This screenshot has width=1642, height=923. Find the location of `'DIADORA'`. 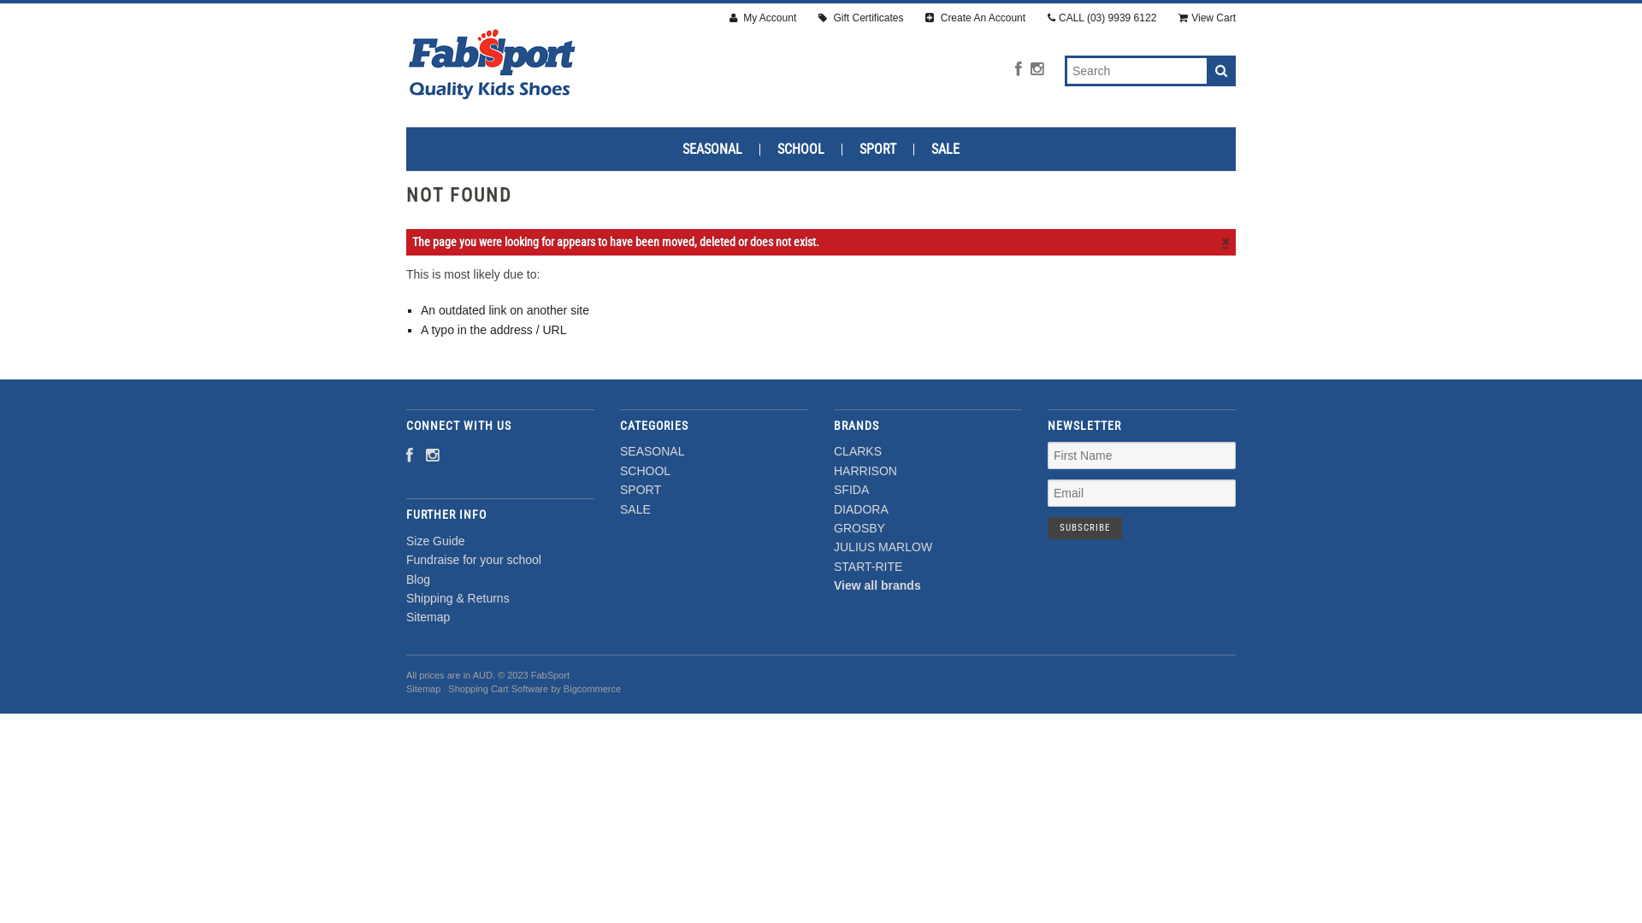

'DIADORA' is located at coordinates (861, 509).